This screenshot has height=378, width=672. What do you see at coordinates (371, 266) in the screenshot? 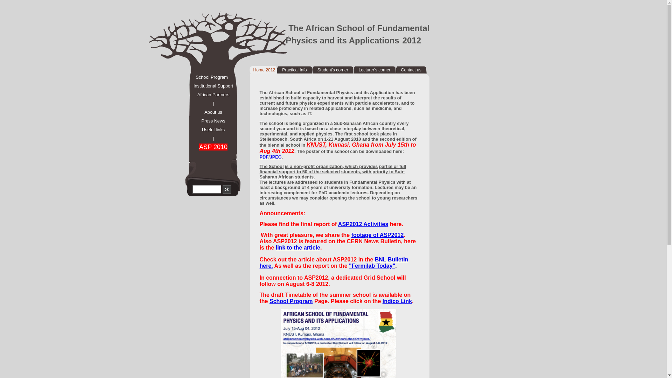
I see `'"Fermilab Today"'` at bounding box center [371, 266].